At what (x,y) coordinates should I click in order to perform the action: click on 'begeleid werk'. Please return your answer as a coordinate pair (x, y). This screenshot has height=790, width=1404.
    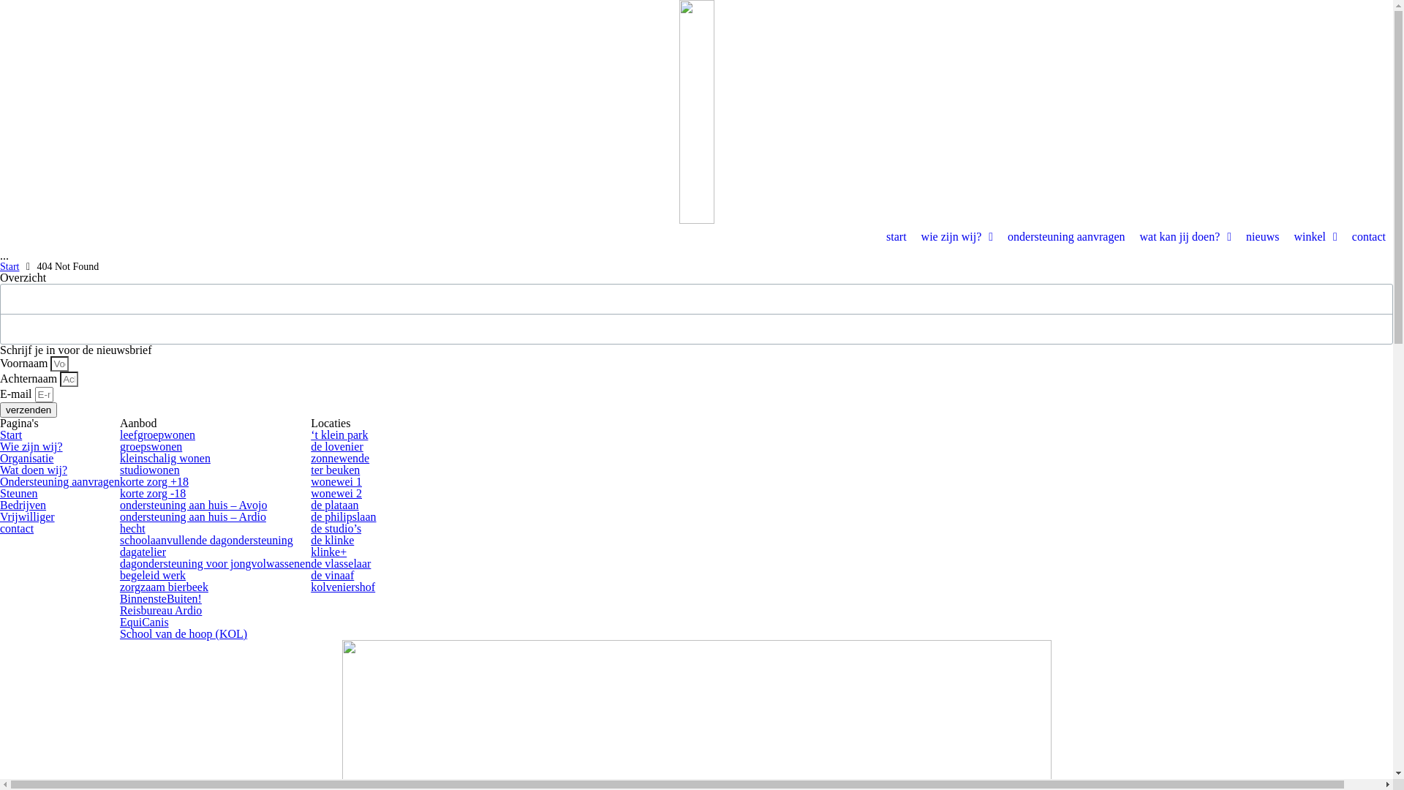
    Looking at the image, I should click on (153, 574).